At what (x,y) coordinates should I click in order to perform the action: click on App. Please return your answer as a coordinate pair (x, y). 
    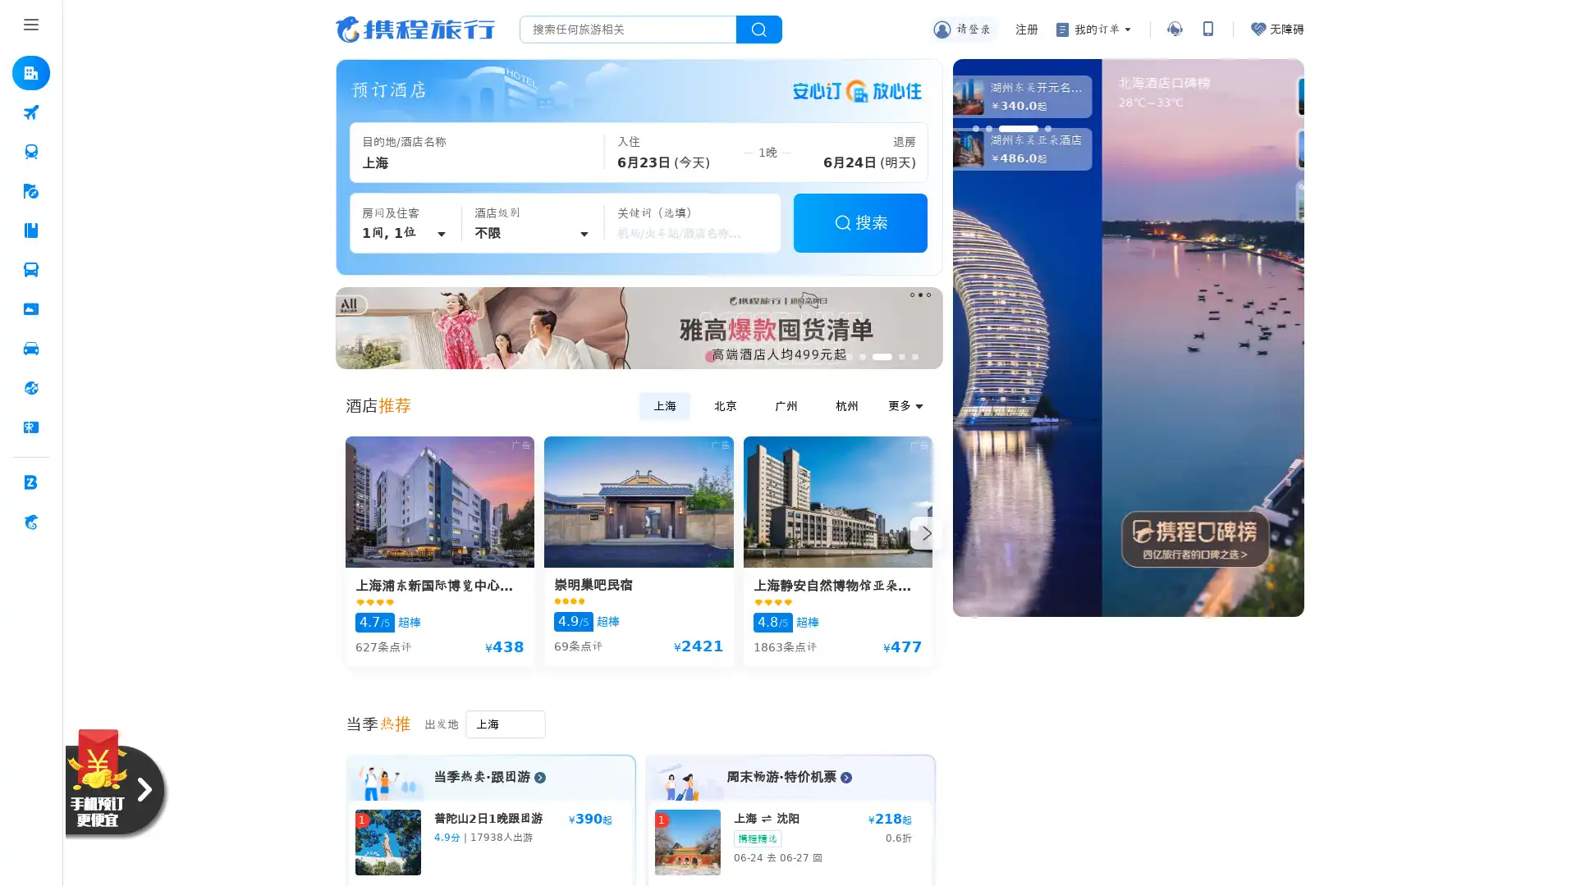
    Looking at the image, I should click on (1207, 29).